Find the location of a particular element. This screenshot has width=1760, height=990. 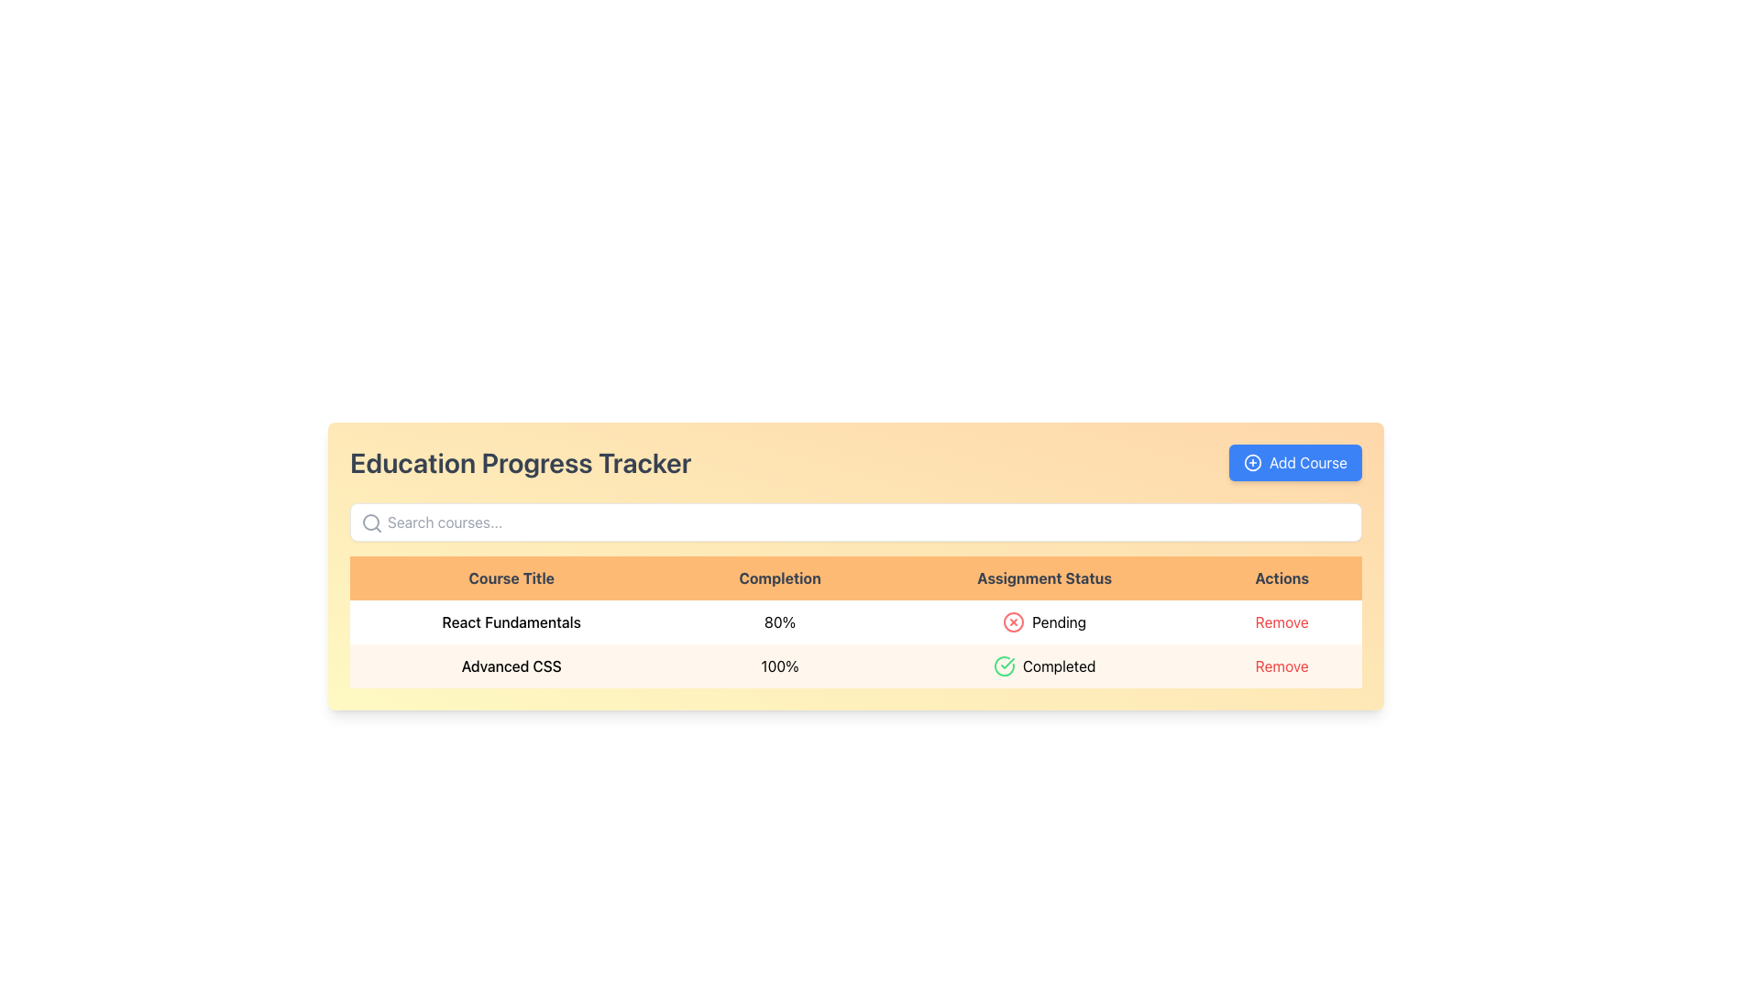

the blue button in the top-right corner of the card interface is located at coordinates (1306, 462).